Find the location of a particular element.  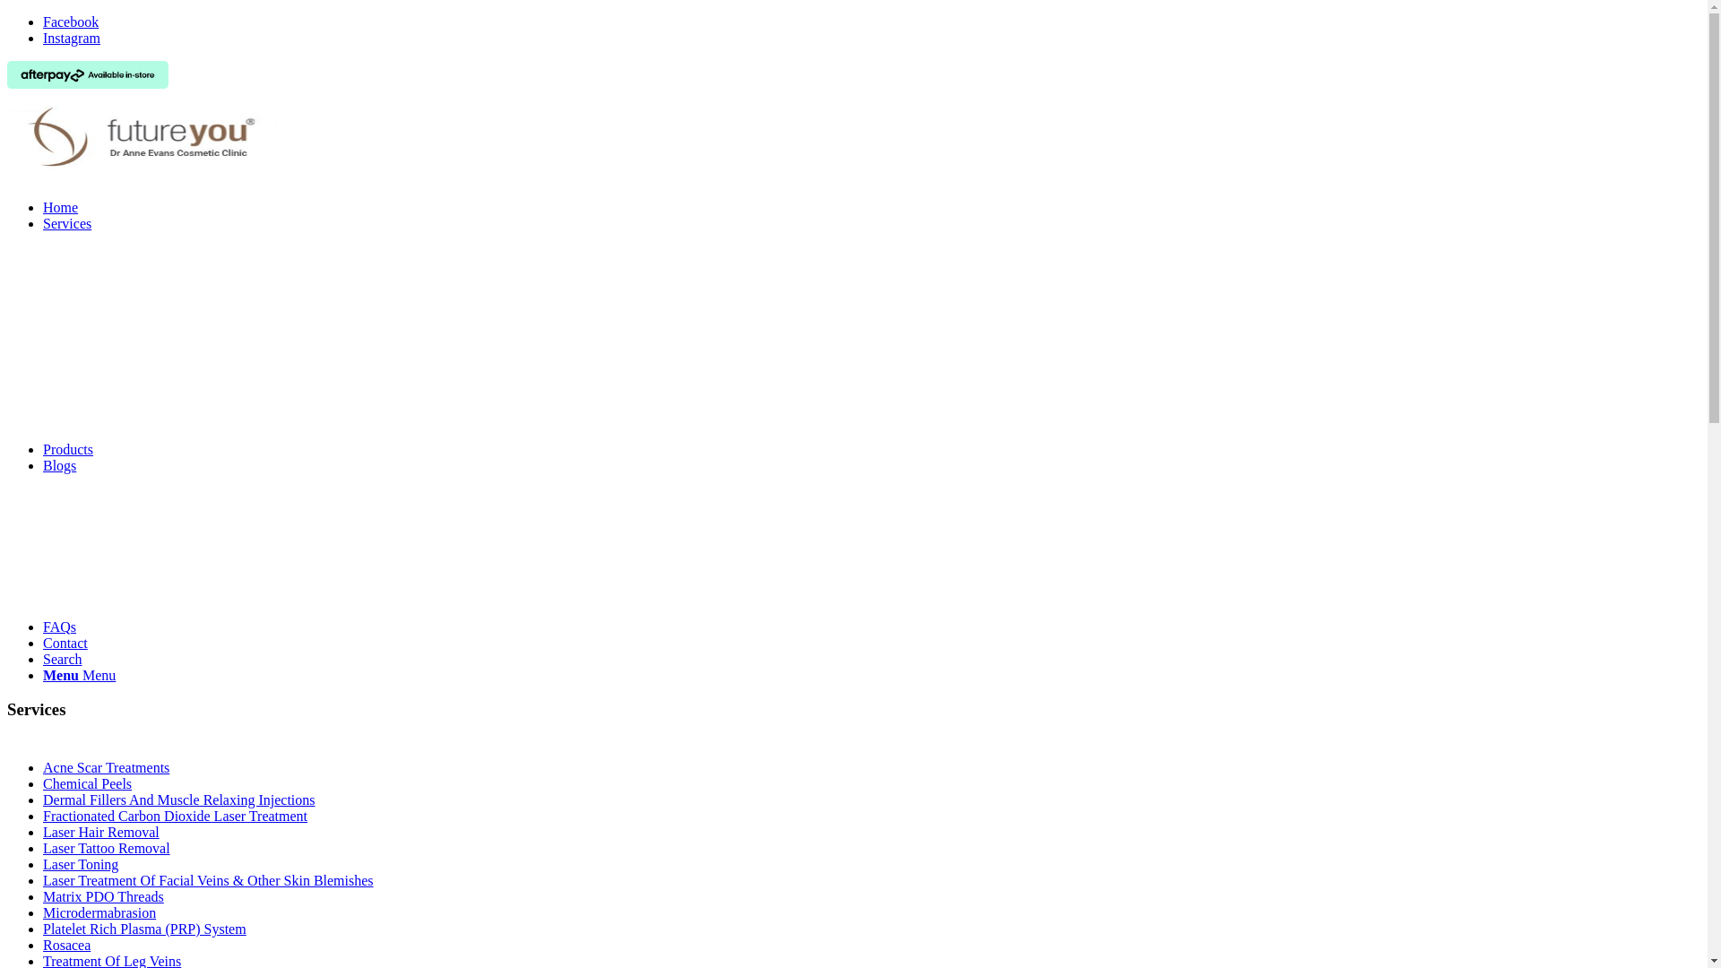

'Blogs' is located at coordinates (59, 464).